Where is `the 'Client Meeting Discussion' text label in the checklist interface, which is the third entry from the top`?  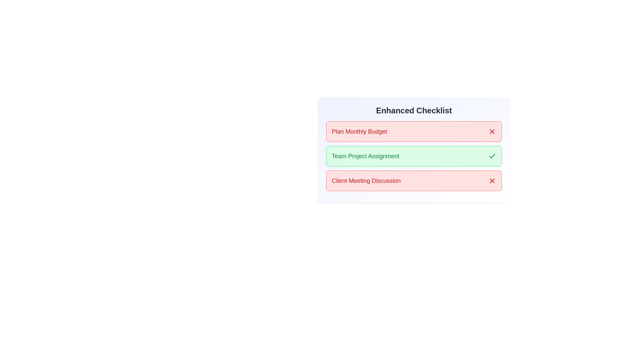 the 'Client Meeting Discussion' text label in the checklist interface, which is the third entry from the top is located at coordinates (366, 180).